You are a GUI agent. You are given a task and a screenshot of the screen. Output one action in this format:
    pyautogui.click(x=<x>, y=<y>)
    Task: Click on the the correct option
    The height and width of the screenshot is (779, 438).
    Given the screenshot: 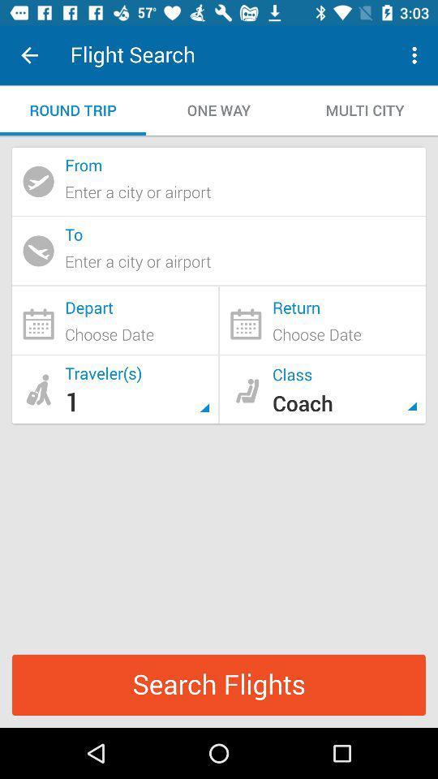 What is the action you would take?
    pyautogui.click(x=322, y=320)
    